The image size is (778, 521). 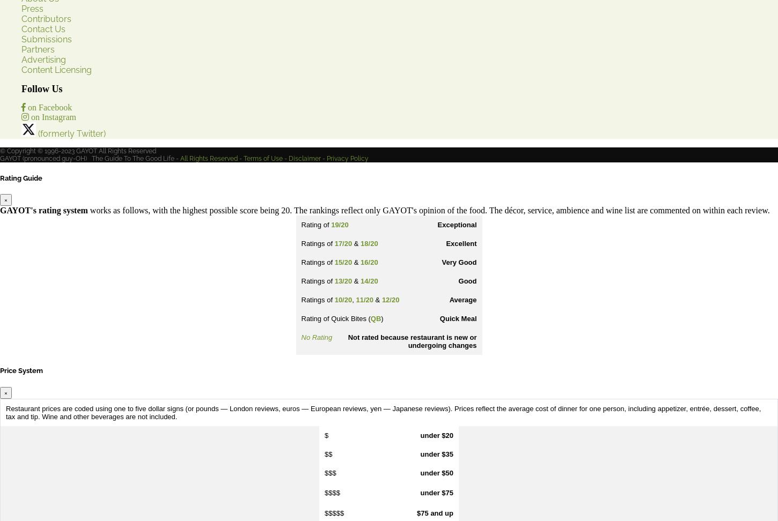 What do you see at coordinates (39, 322) in the screenshot?
I see `'YouTube'` at bounding box center [39, 322].